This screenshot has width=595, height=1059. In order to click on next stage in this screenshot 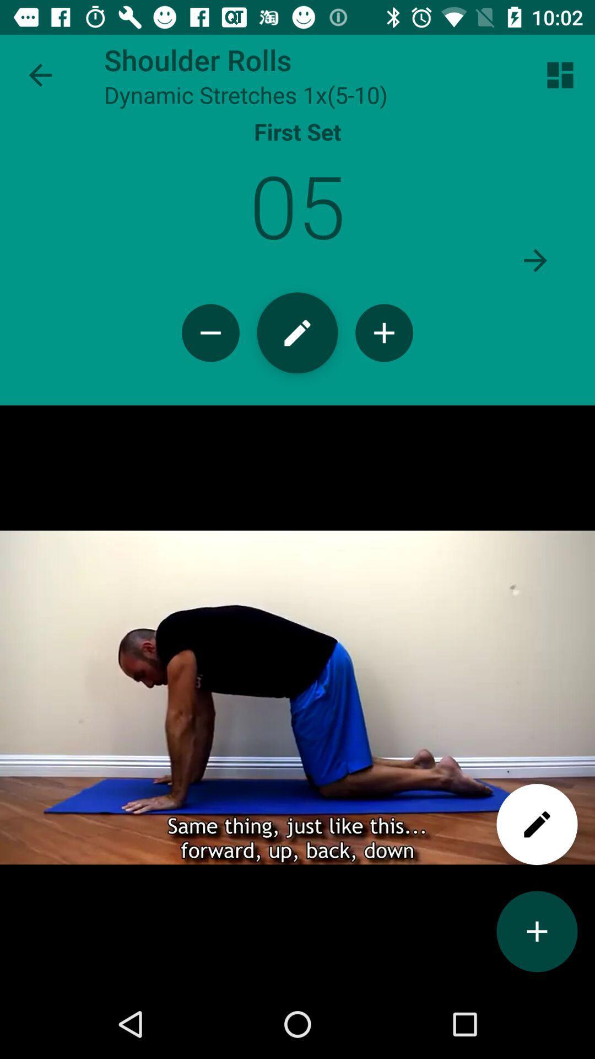, I will do `click(535, 260)`.